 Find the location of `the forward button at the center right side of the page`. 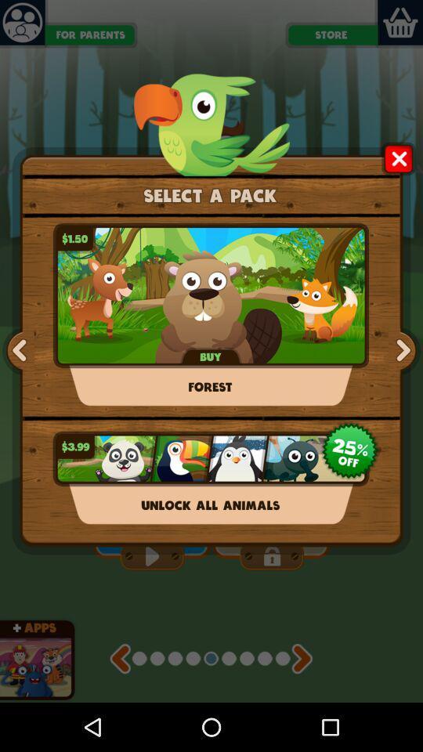

the forward button at the center right side of the page is located at coordinates (401, 351).